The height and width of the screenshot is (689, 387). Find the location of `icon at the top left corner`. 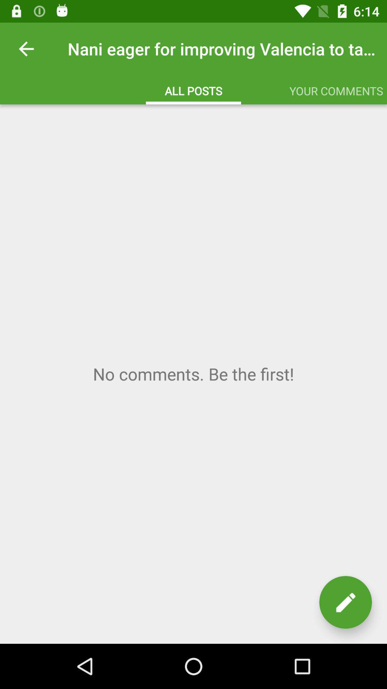

icon at the top left corner is located at coordinates (26, 48).